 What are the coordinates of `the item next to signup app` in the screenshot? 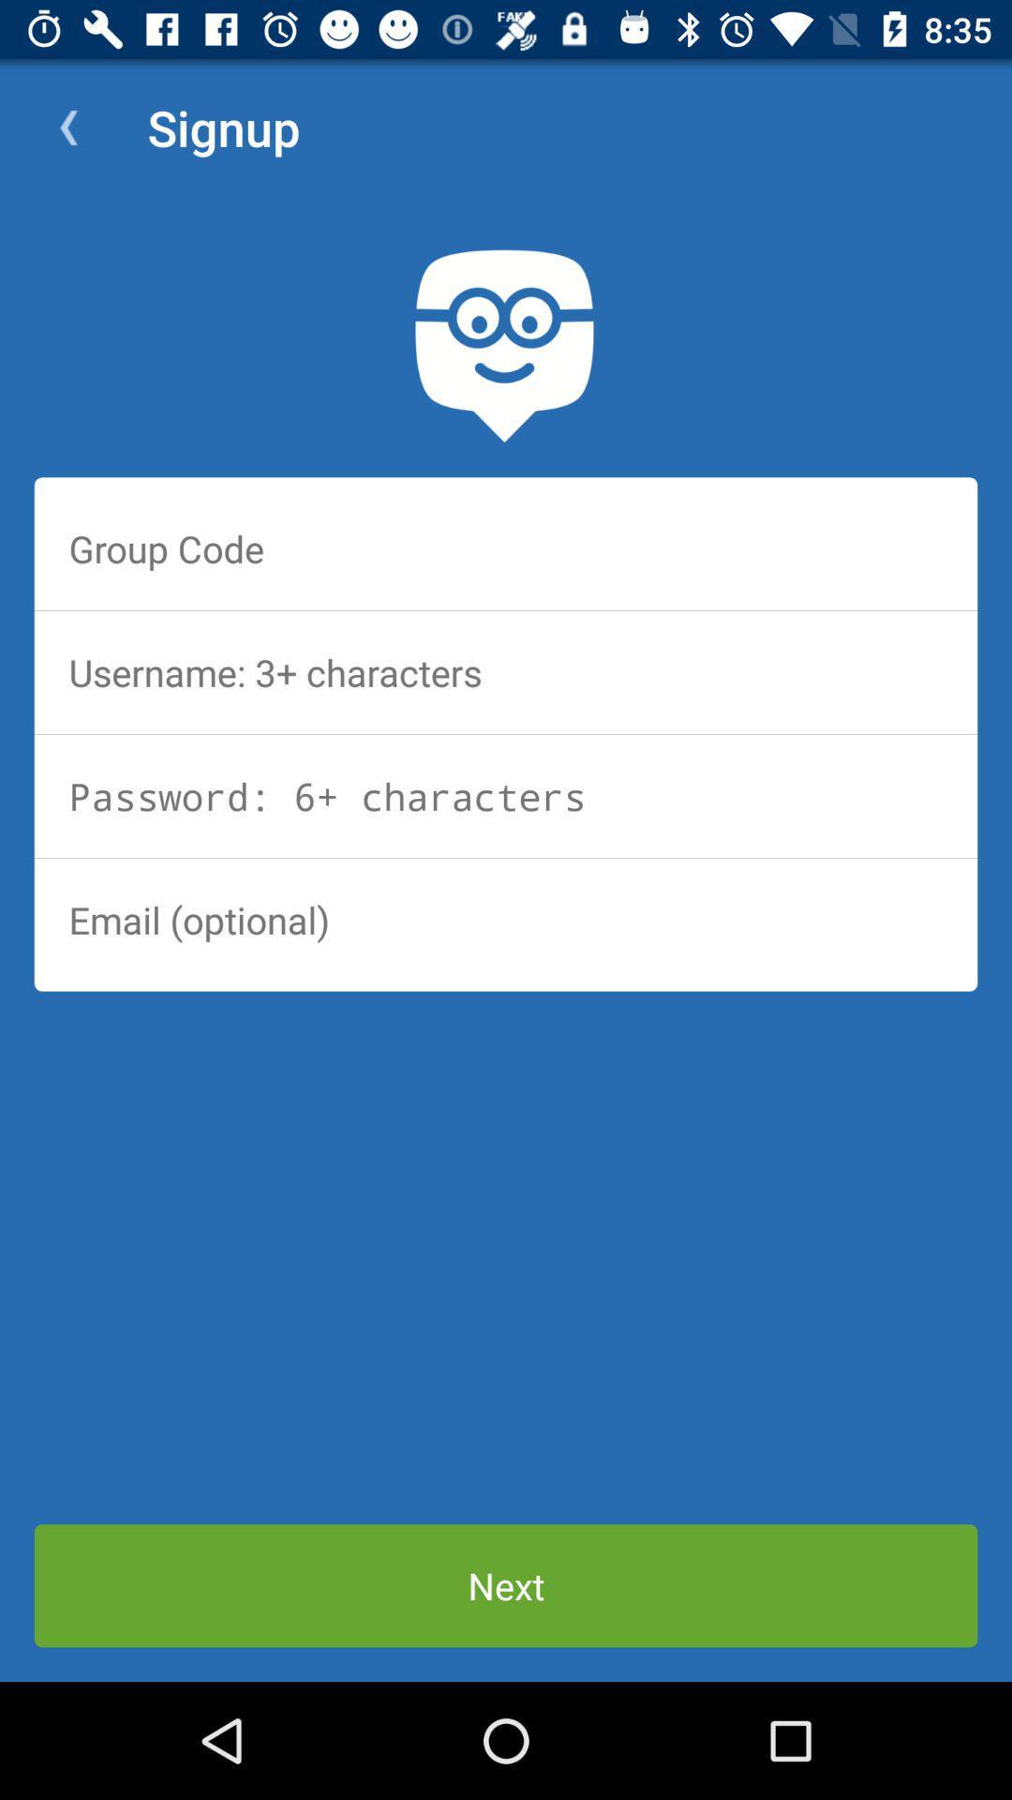 It's located at (67, 127).